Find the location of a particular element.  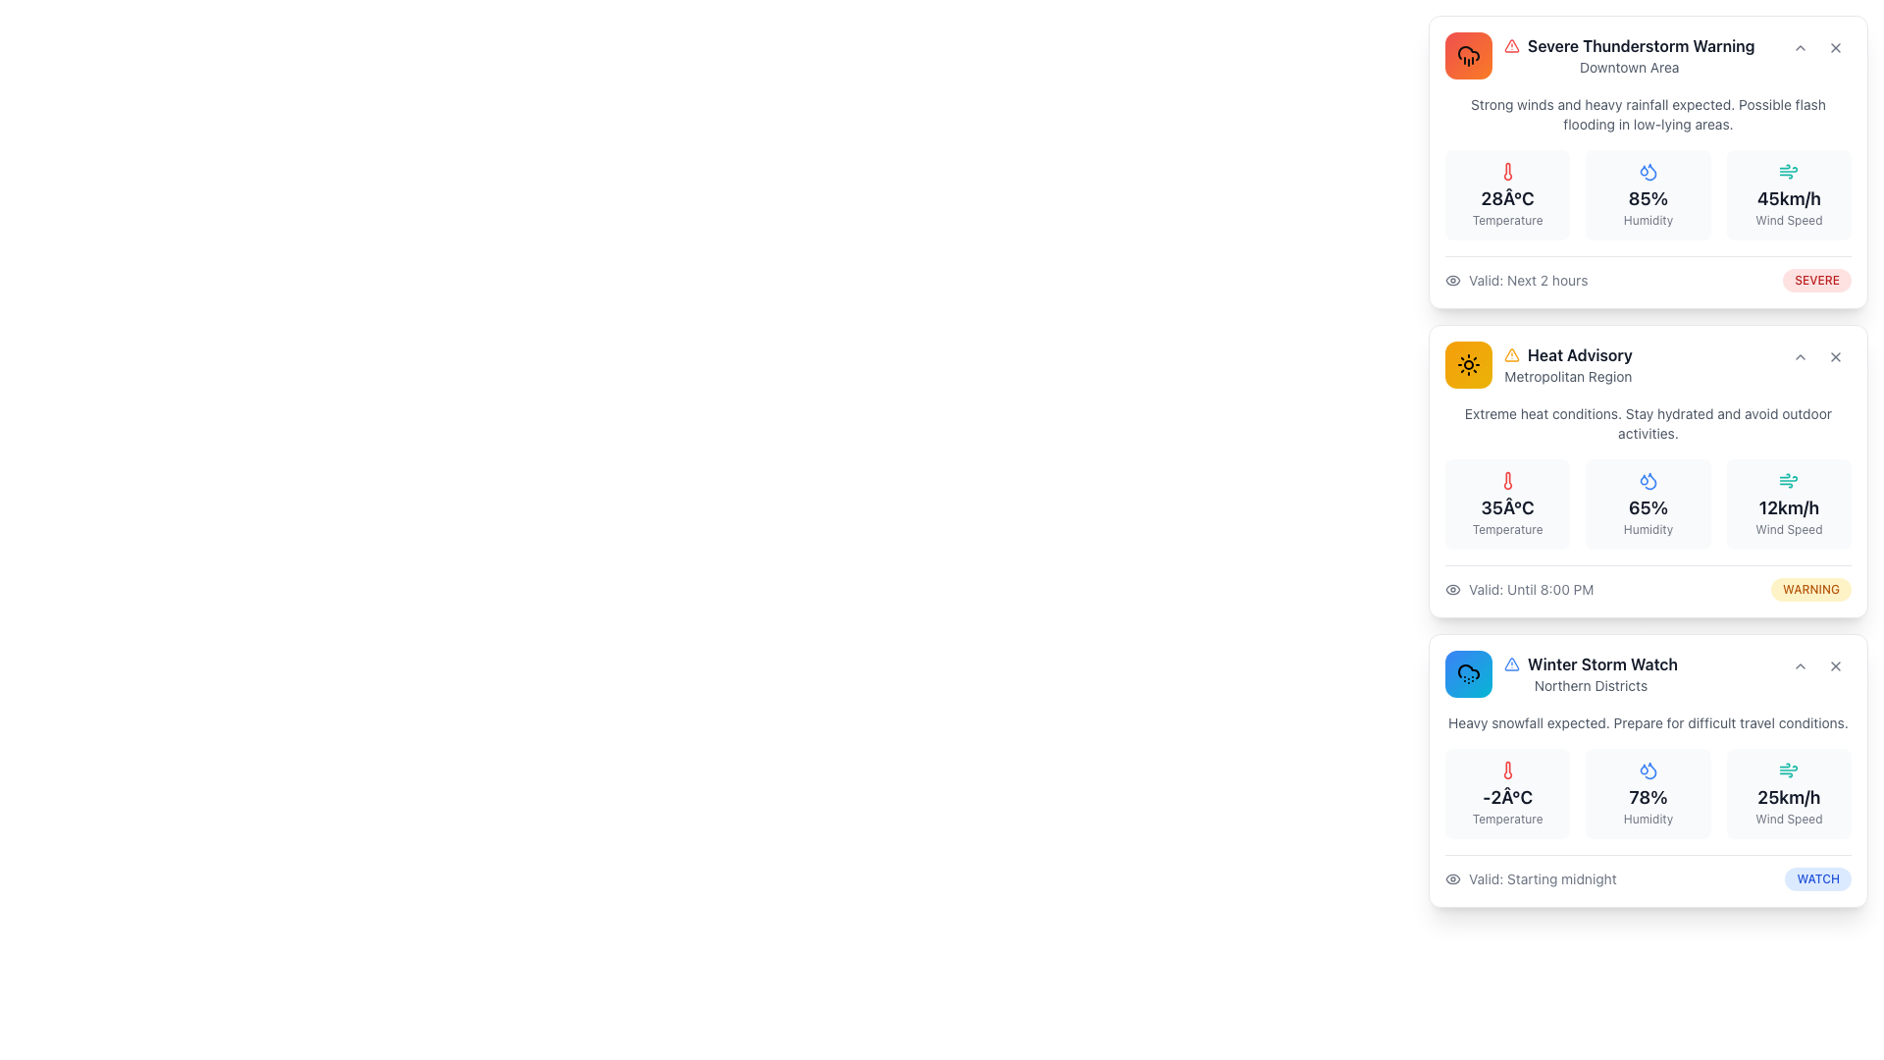

the cloud icon with rain drops below it, which is located in the top left area of the first weather warning card, adjacent to the text 'Severe Thunderstorm Warning' is located at coordinates (1469, 55).